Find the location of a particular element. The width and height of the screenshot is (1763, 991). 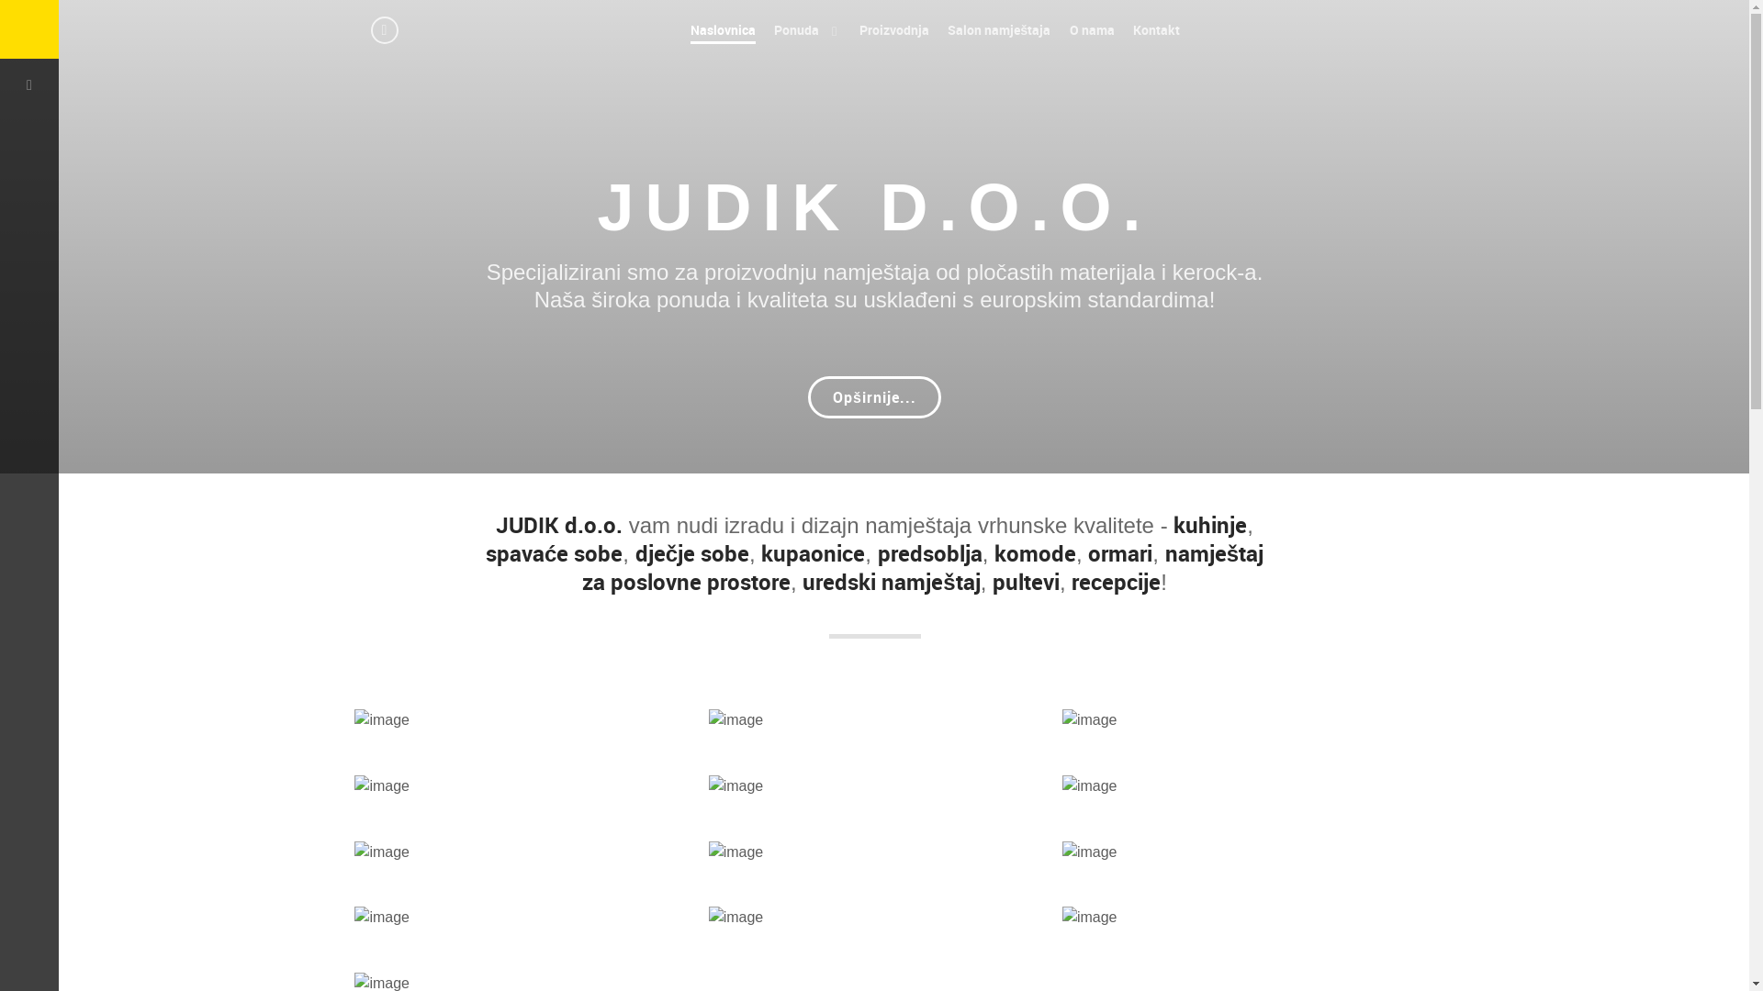

'Naslovnica' is located at coordinates (722, 29).